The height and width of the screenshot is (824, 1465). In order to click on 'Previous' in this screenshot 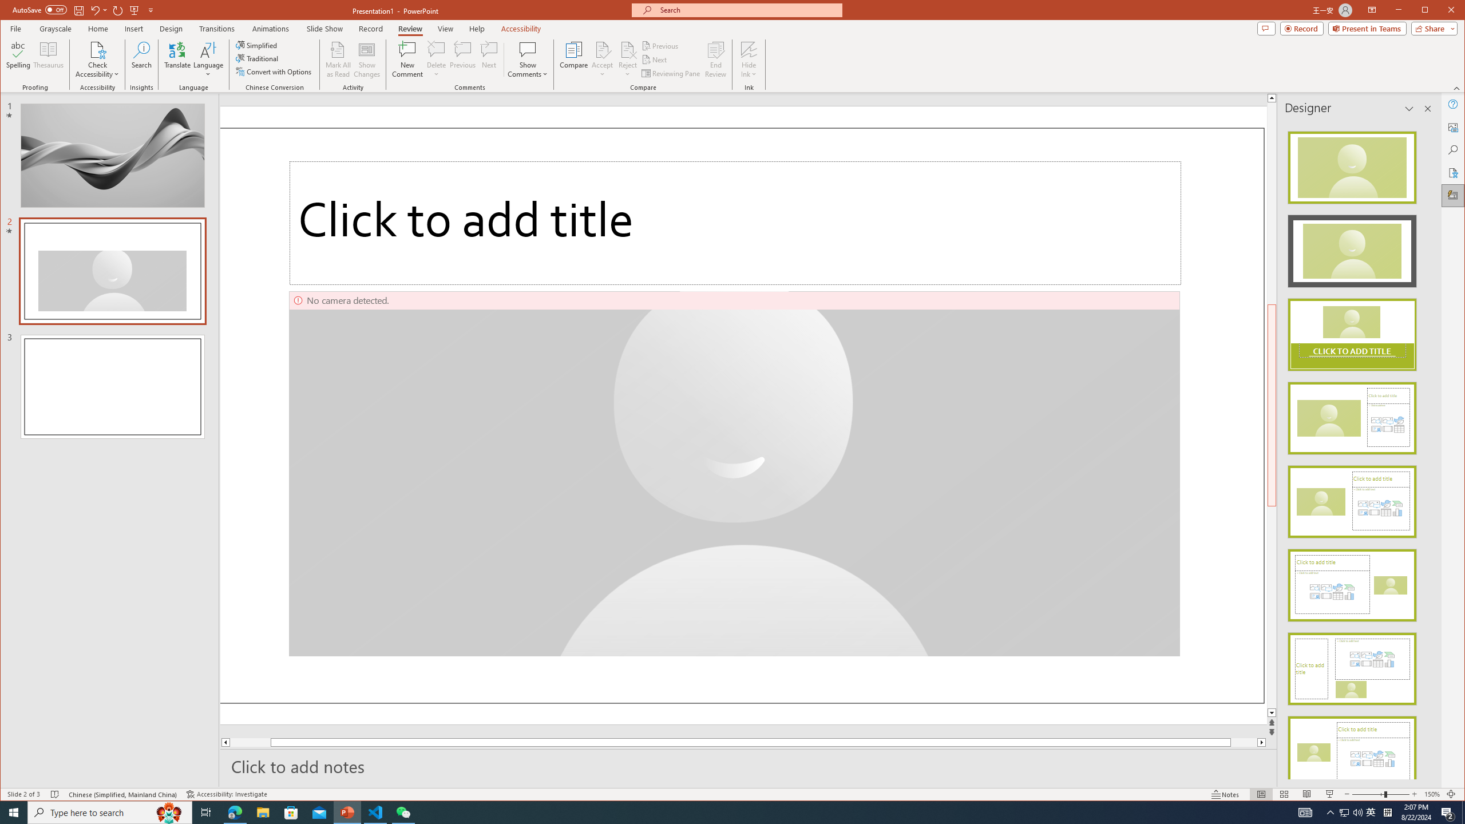, I will do `click(660, 46)`.